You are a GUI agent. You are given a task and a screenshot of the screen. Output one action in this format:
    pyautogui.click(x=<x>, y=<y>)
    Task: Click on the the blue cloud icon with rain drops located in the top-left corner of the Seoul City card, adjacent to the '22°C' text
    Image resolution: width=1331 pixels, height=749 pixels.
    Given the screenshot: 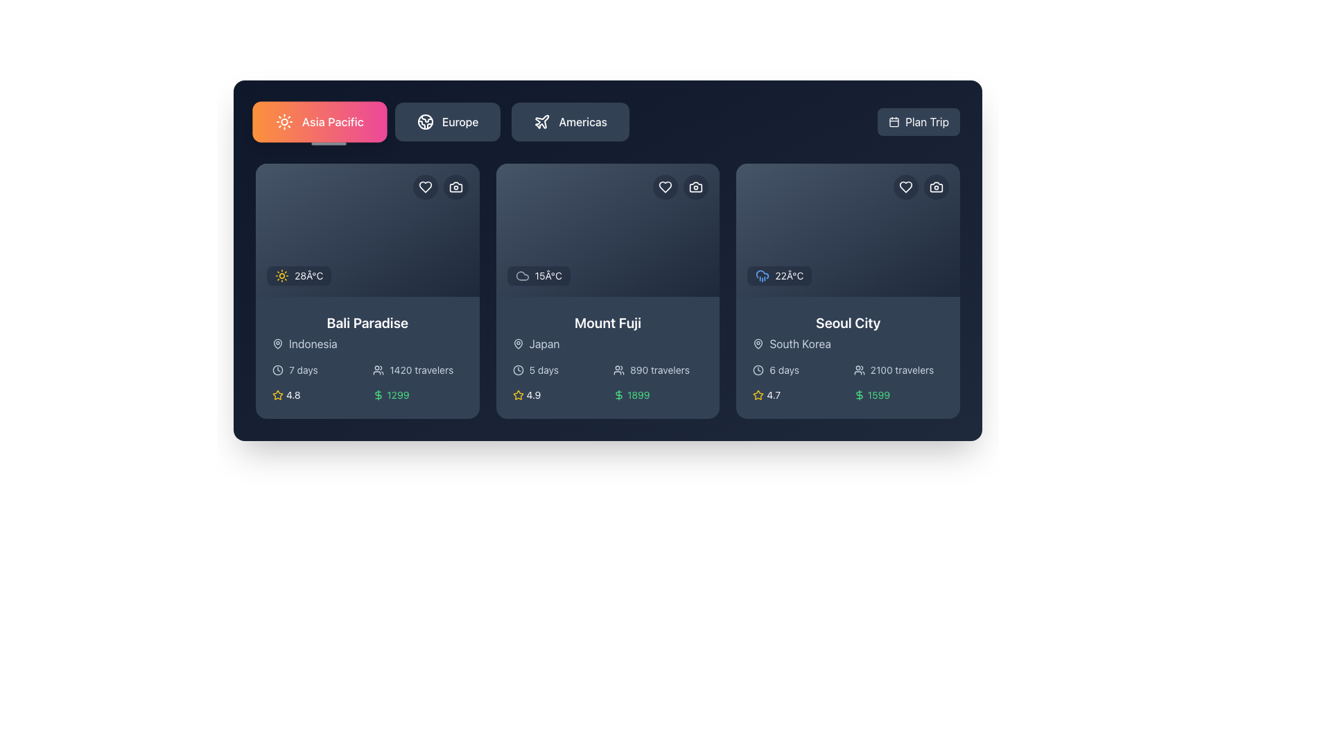 What is the action you would take?
    pyautogui.click(x=762, y=275)
    